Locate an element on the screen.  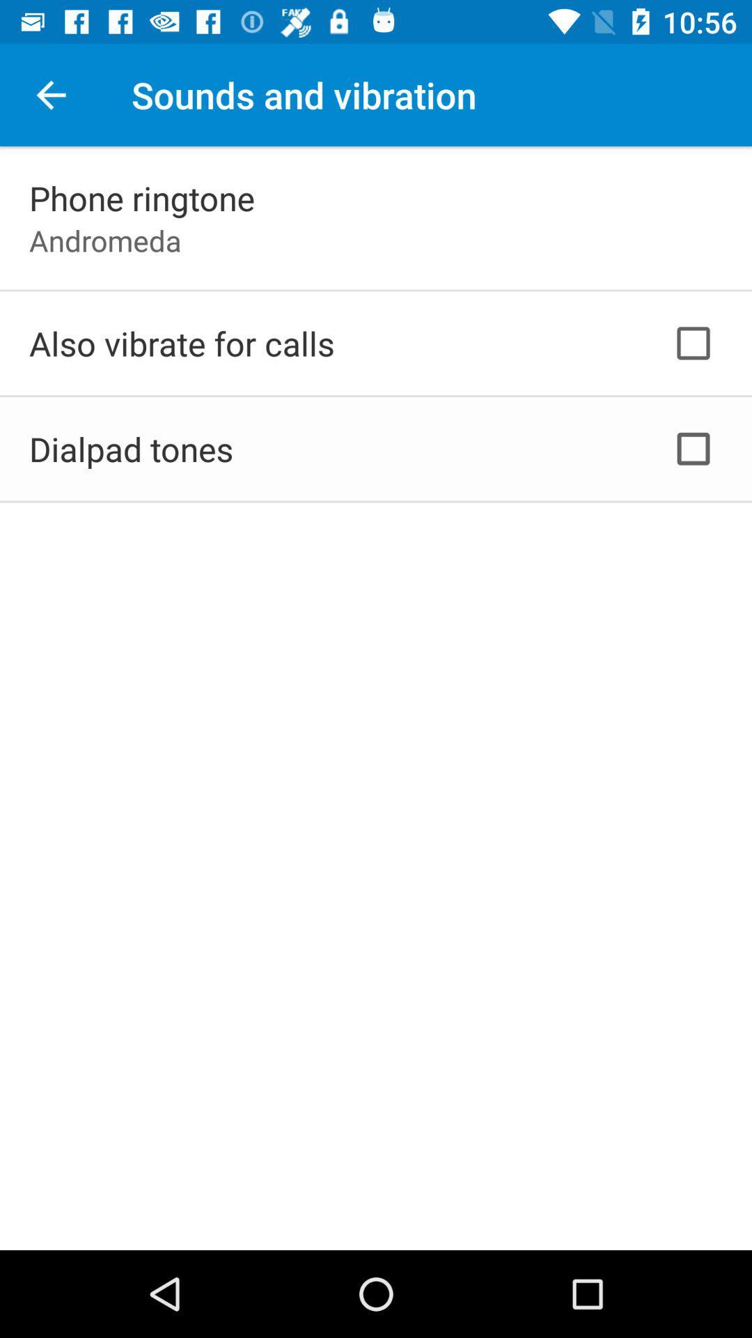
phone ringtone app is located at coordinates (142, 197).